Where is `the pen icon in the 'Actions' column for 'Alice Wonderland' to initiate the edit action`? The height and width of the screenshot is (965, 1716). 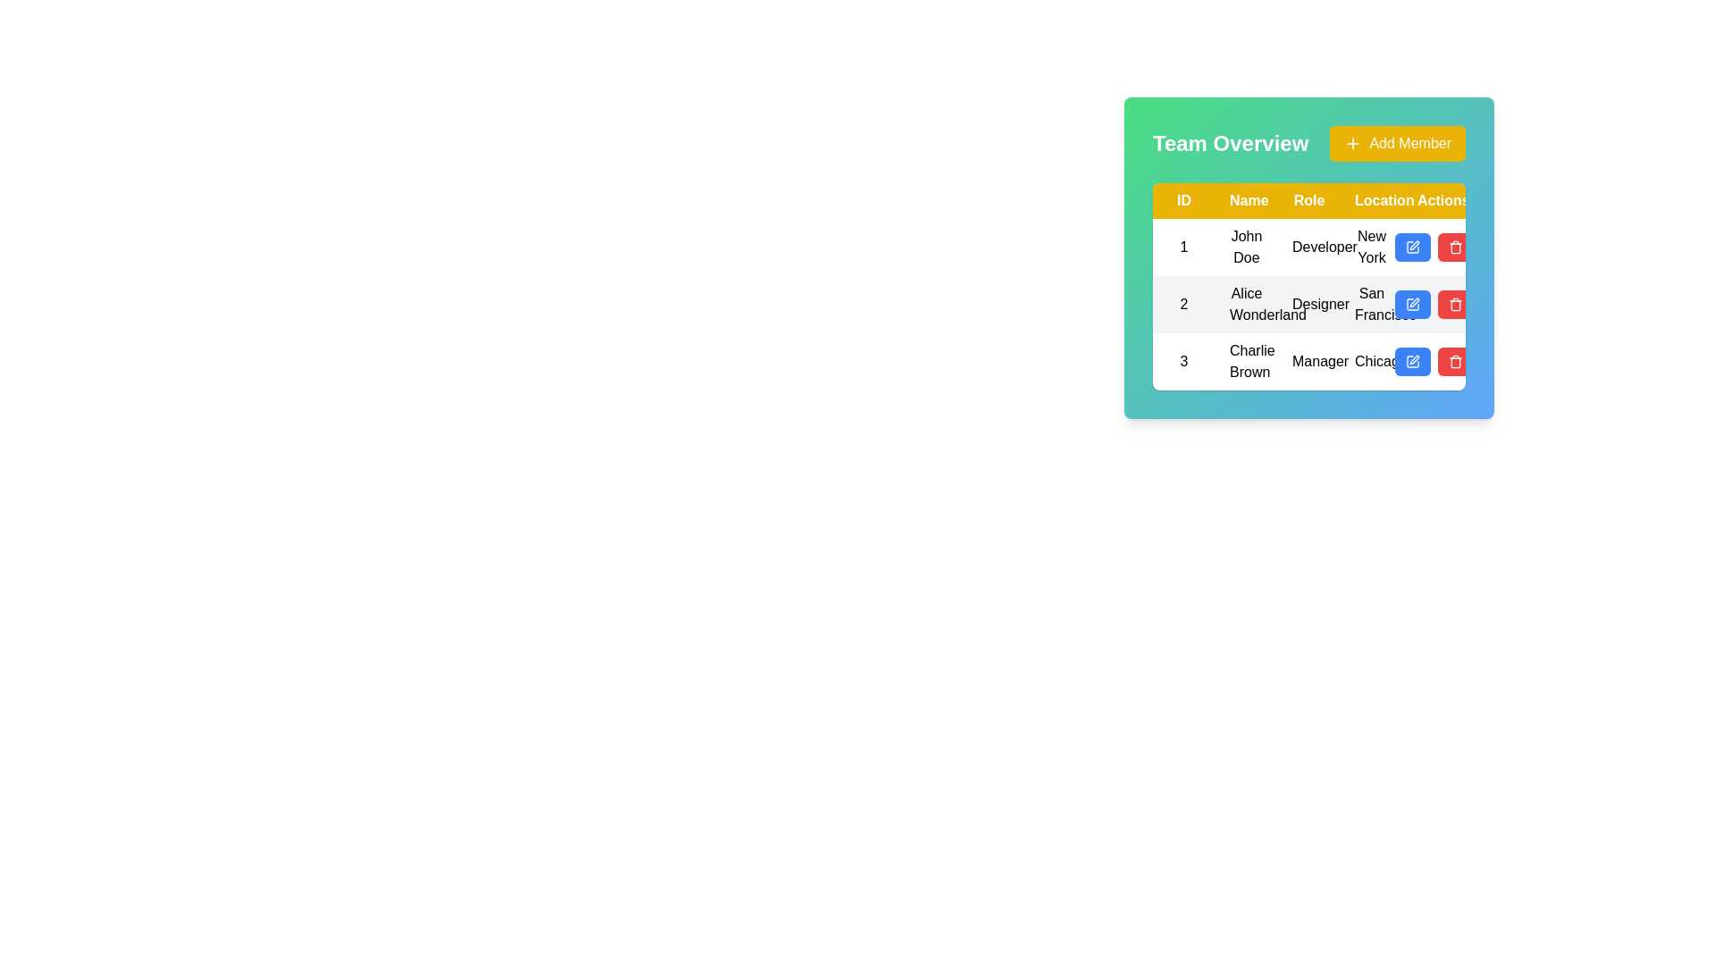 the pen icon in the 'Actions' column for 'Alice Wonderland' to initiate the edit action is located at coordinates (1414, 302).